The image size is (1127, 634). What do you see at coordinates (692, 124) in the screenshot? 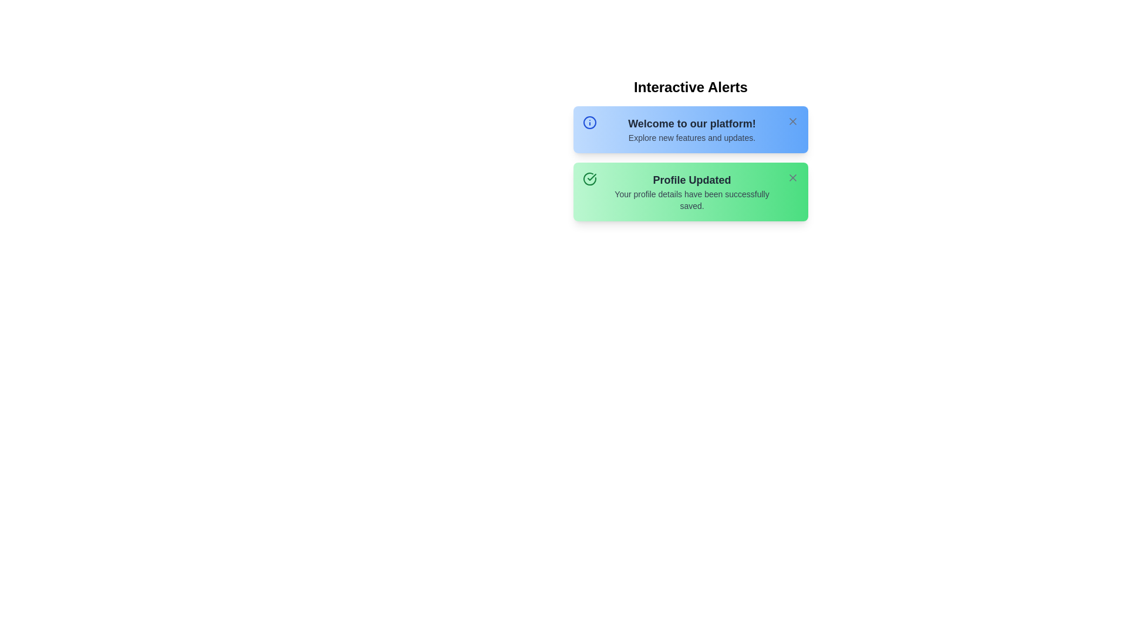
I see `the text 'Welcome to our platform!' to select it` at bounding box center [692, 124].